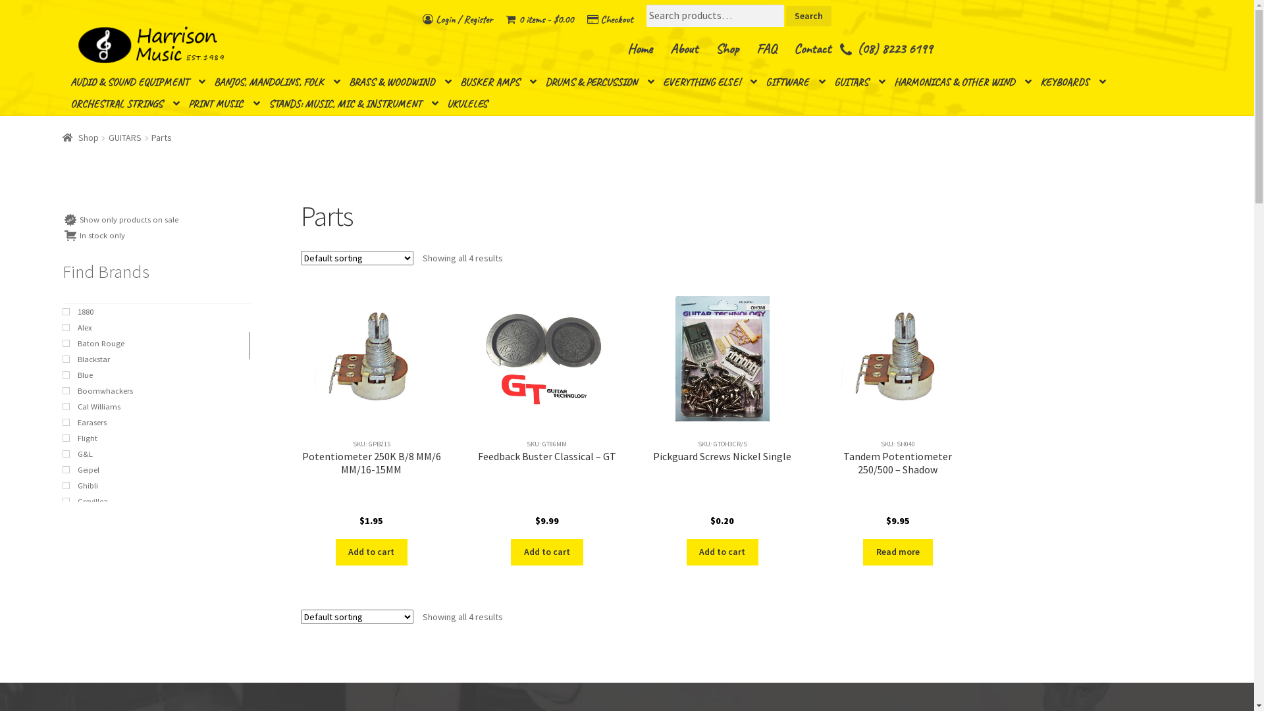 The image size is (1264, 711). I want to click on 'SKU: GTOH3CR/S, so click(722, 410).